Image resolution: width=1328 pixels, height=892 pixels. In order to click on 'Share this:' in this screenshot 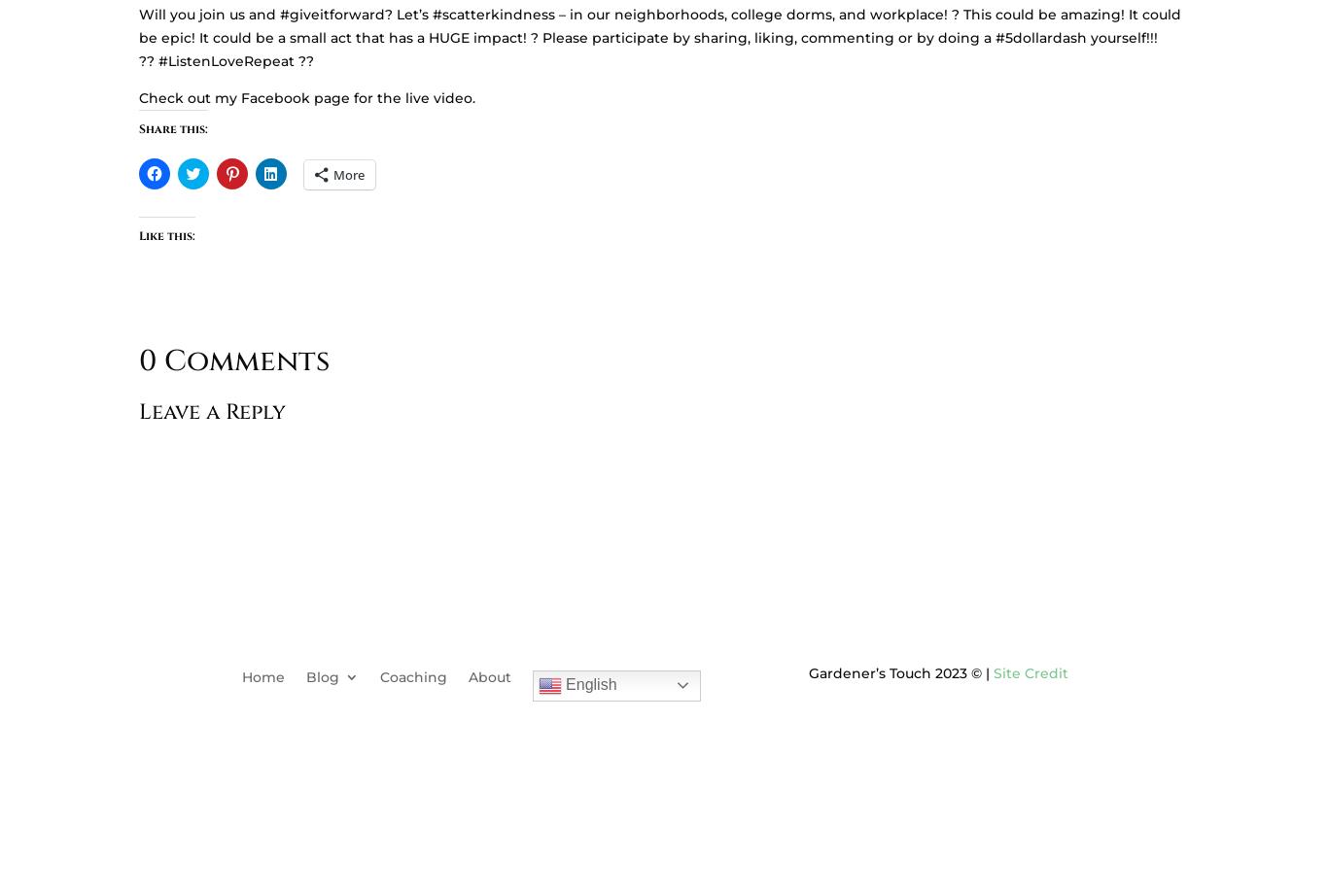, I will do `click(172, 128)`.